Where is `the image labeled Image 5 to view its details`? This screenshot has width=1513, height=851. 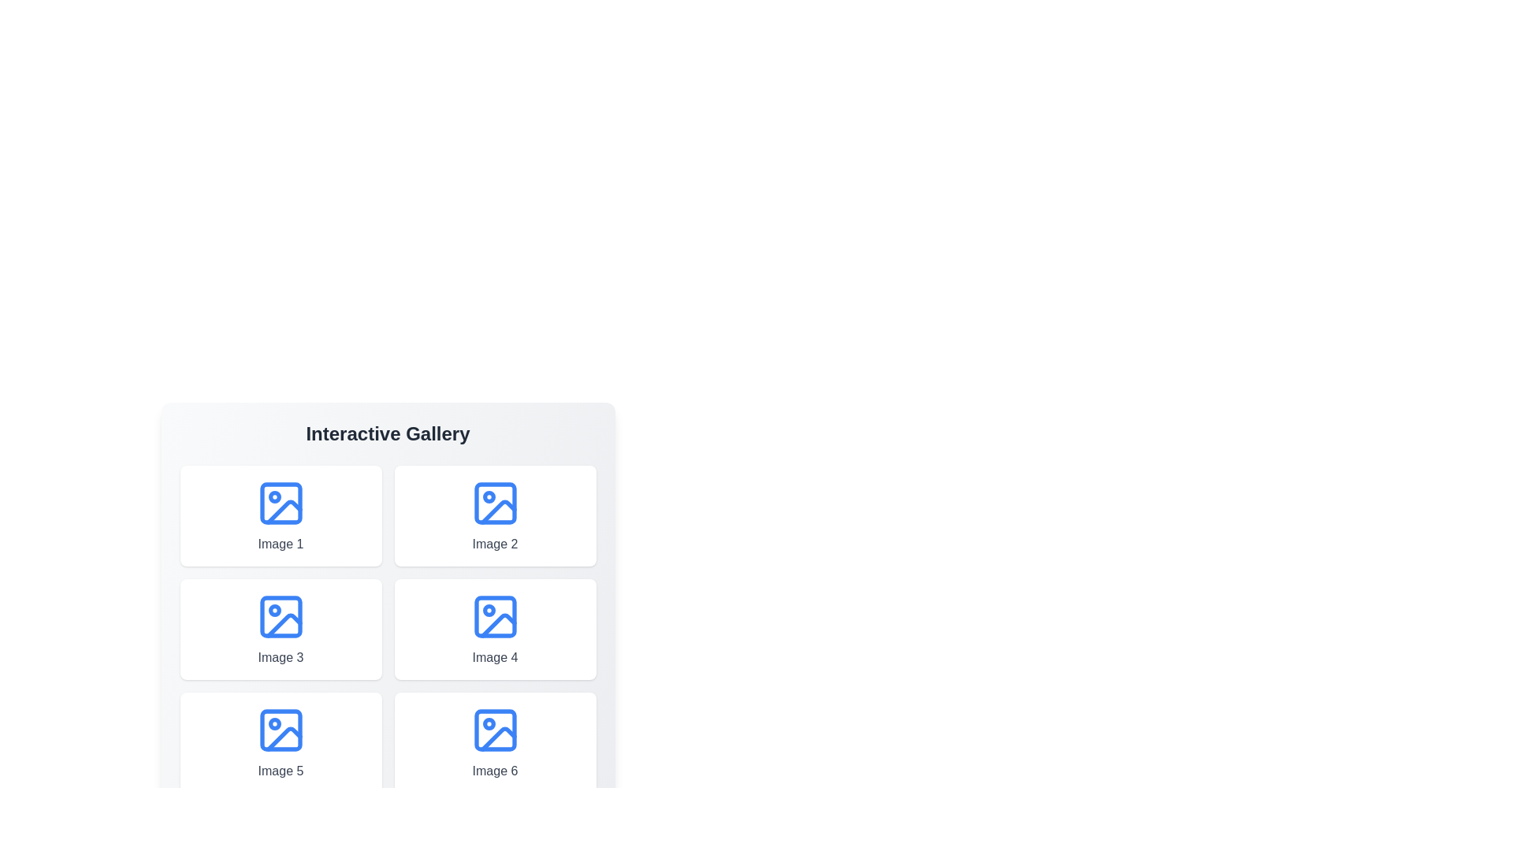 the image labeled Image 5 to view its details is located at coordinates (281, 742).